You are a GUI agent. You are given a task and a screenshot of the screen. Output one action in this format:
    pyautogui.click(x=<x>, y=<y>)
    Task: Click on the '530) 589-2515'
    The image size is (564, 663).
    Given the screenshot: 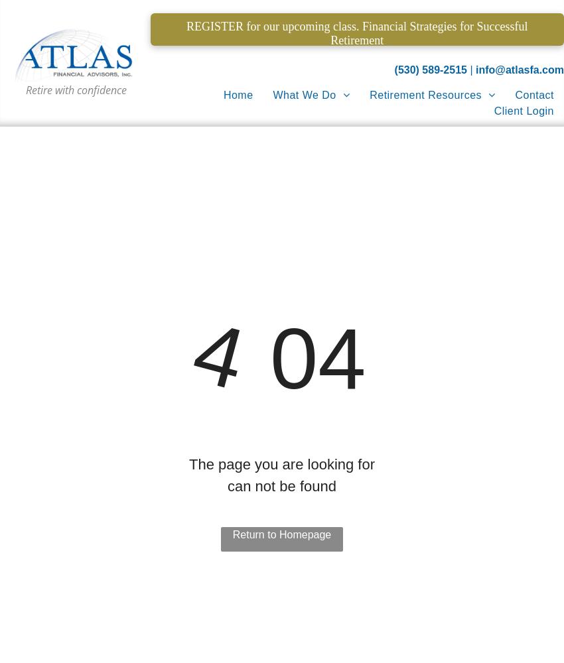 What is the action you would take?
    pyautogui.click(x=432, y=69)
    